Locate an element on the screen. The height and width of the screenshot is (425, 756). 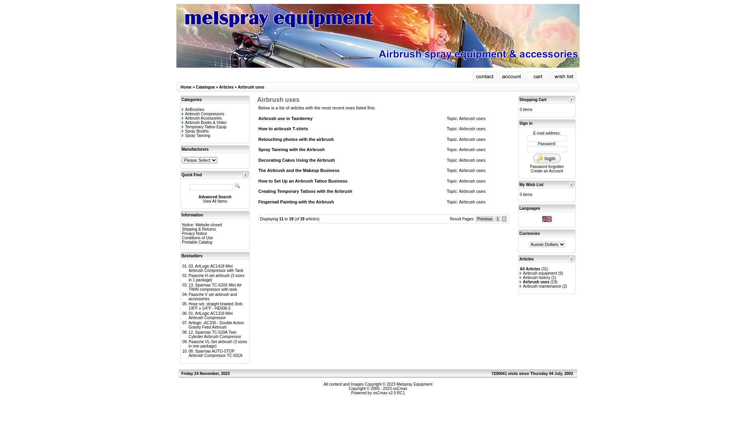
'osCmax' is located at coordinates (399, 388).